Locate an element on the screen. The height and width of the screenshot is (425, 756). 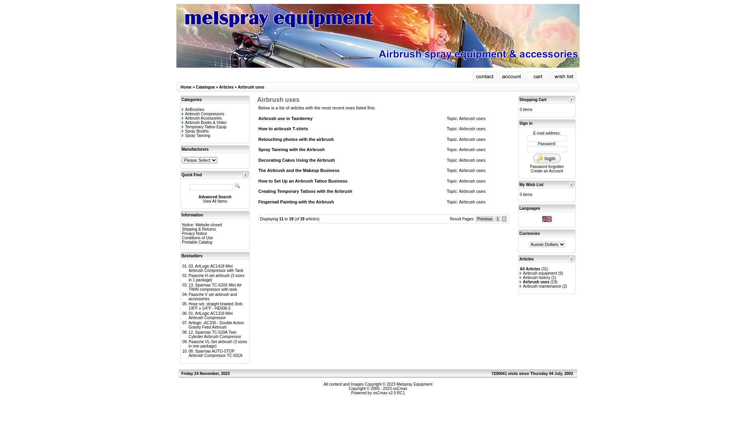
'osCmax' is located at coordinates (399, 388).